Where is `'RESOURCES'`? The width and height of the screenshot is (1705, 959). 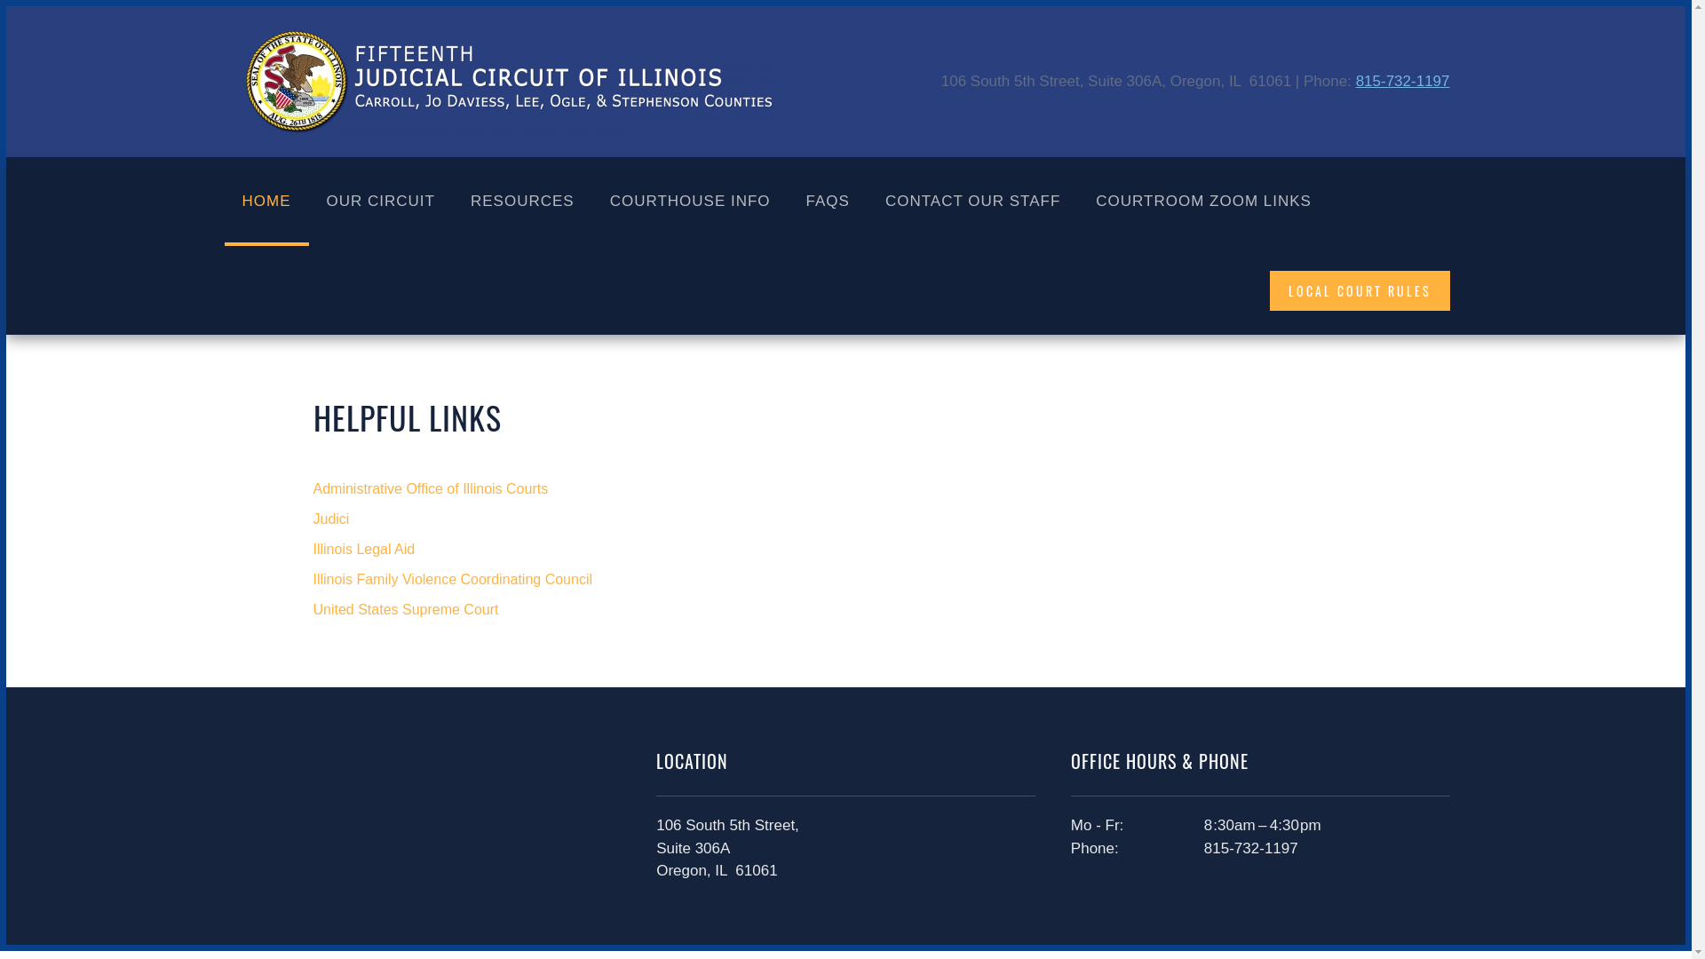 'RESOURCES' is located at coordinates (521, 201).